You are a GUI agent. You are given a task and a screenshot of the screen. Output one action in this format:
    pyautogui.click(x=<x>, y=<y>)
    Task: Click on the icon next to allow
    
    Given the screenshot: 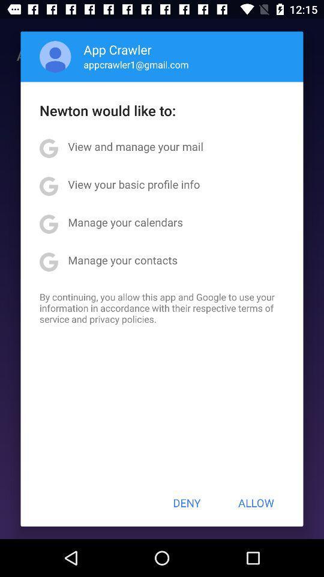 What is the action you would take?
    pyautogui.click(x=187, y=502)
    